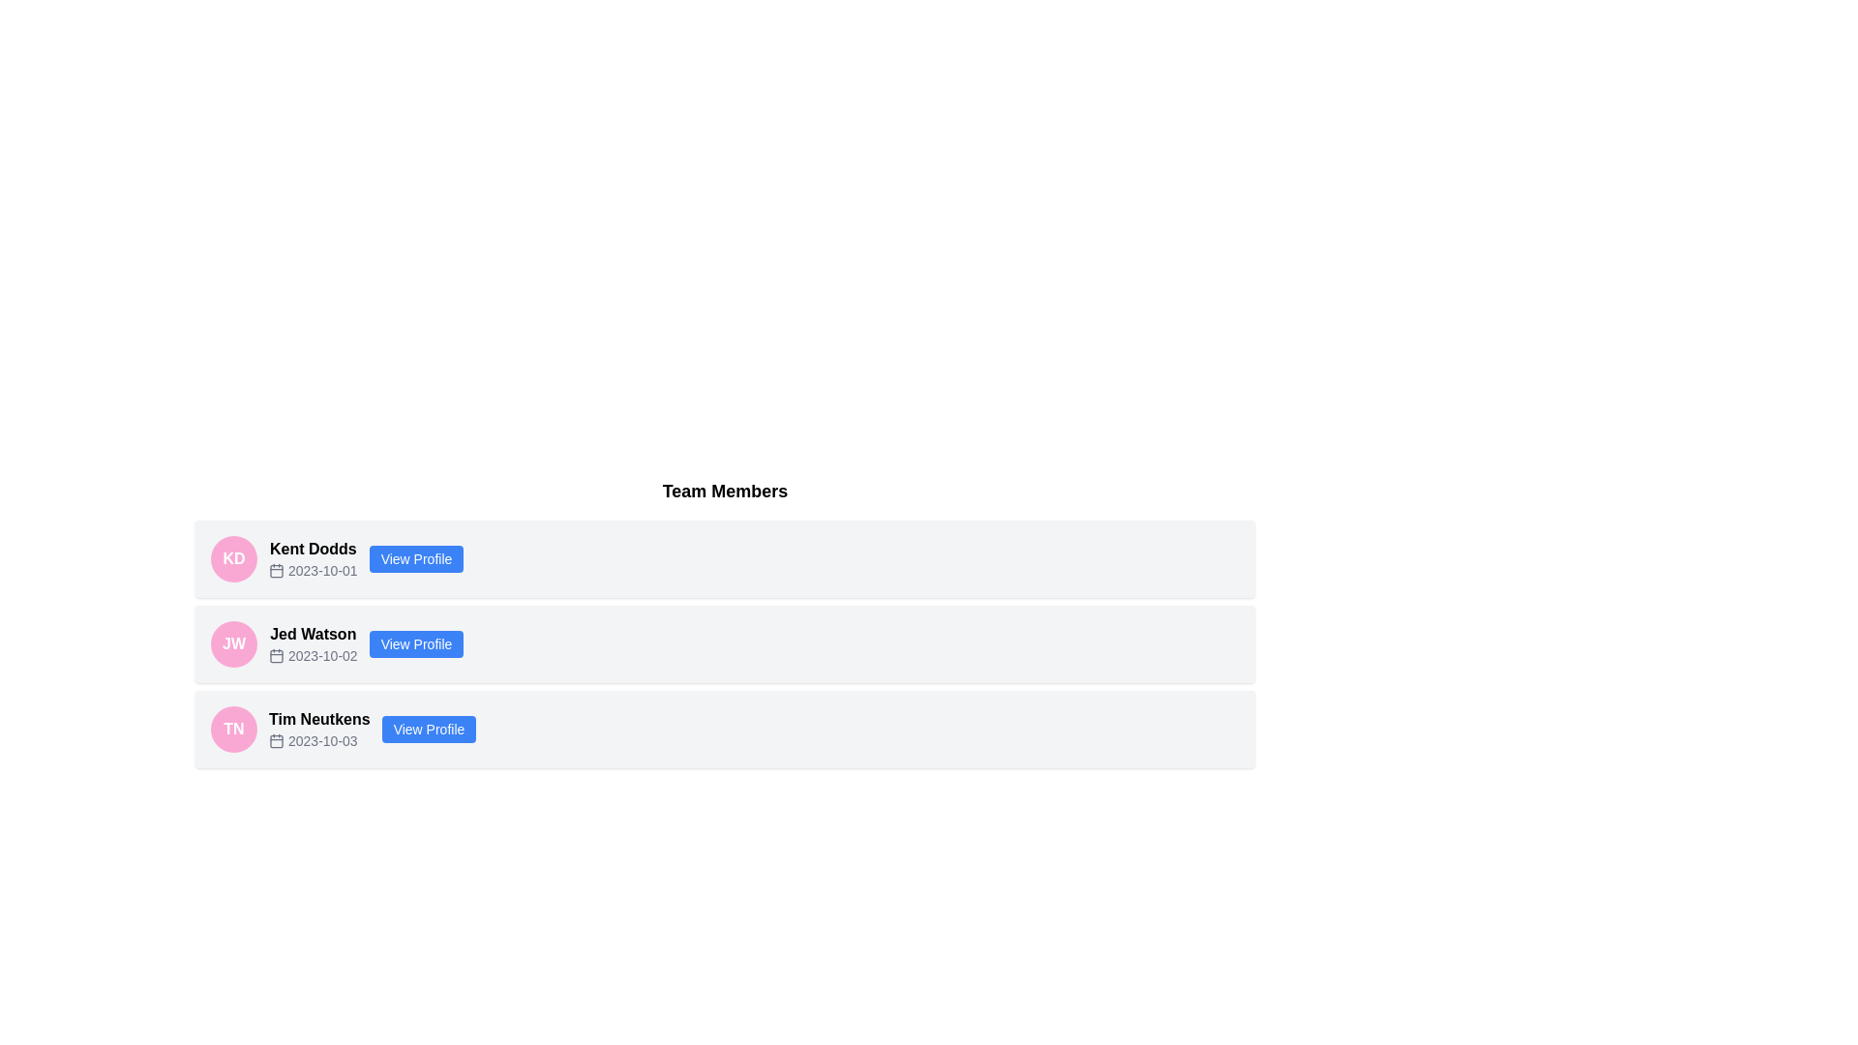 This screenshot has height=1045, width=1858. Describe the element at coordinates (415, 644) in the screenshot. I see `the button that allows users` at that location.